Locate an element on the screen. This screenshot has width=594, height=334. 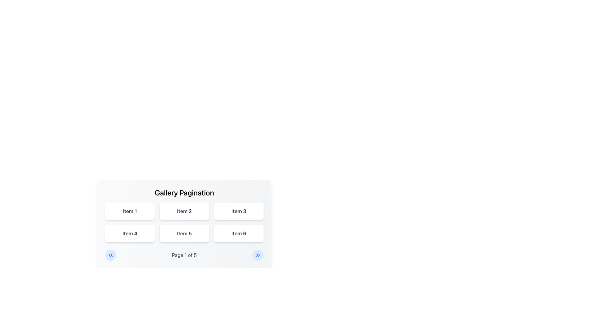
the Text Label displaying 'Item 1' in bold gray font, located in the top-left corner of the grid layout is located at coordinates (129, 211).